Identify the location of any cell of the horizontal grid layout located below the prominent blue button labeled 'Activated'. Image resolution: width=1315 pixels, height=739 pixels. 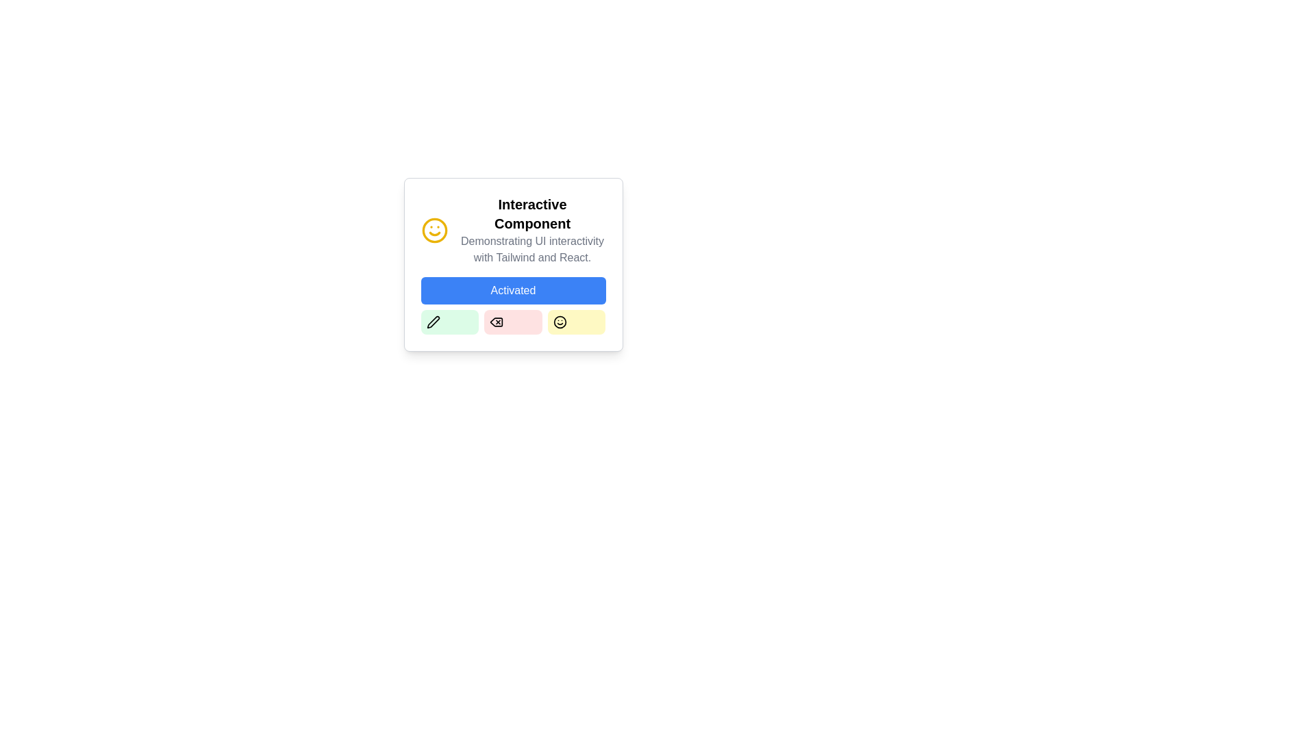
(512, 322).